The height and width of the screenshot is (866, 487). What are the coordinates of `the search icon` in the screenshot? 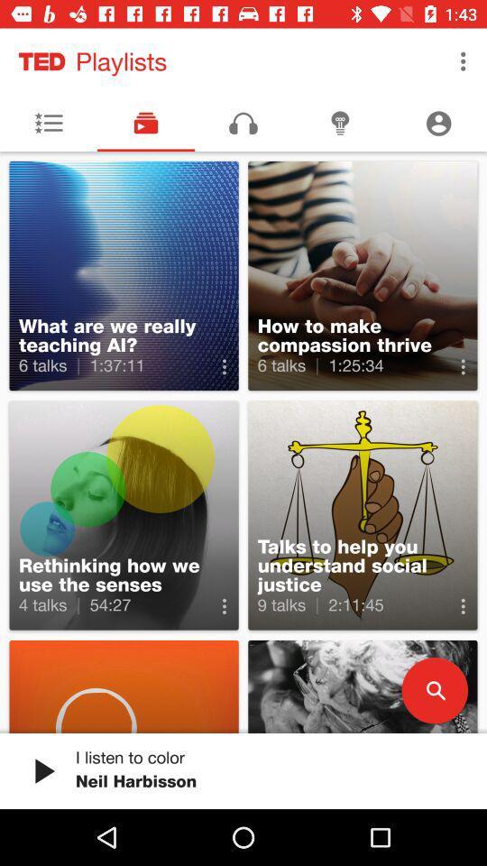 It's located at (434, 689).